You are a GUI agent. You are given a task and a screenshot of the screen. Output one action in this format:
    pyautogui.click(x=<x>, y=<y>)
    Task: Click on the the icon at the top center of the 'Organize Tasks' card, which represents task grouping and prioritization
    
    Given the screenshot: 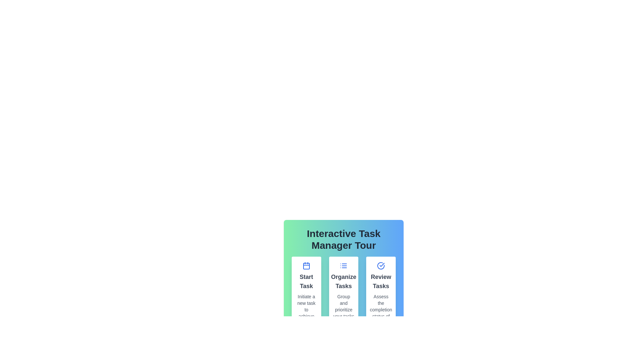 What is the action you would take?
    pyautogui.click(x=343, y=265)
    